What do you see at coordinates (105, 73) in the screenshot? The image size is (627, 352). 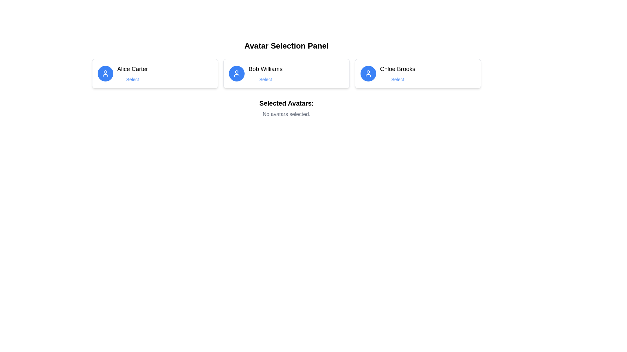 I see `the button representing the profile picture of the user named 'Alice Carter'` at bounding box center [105, 73].